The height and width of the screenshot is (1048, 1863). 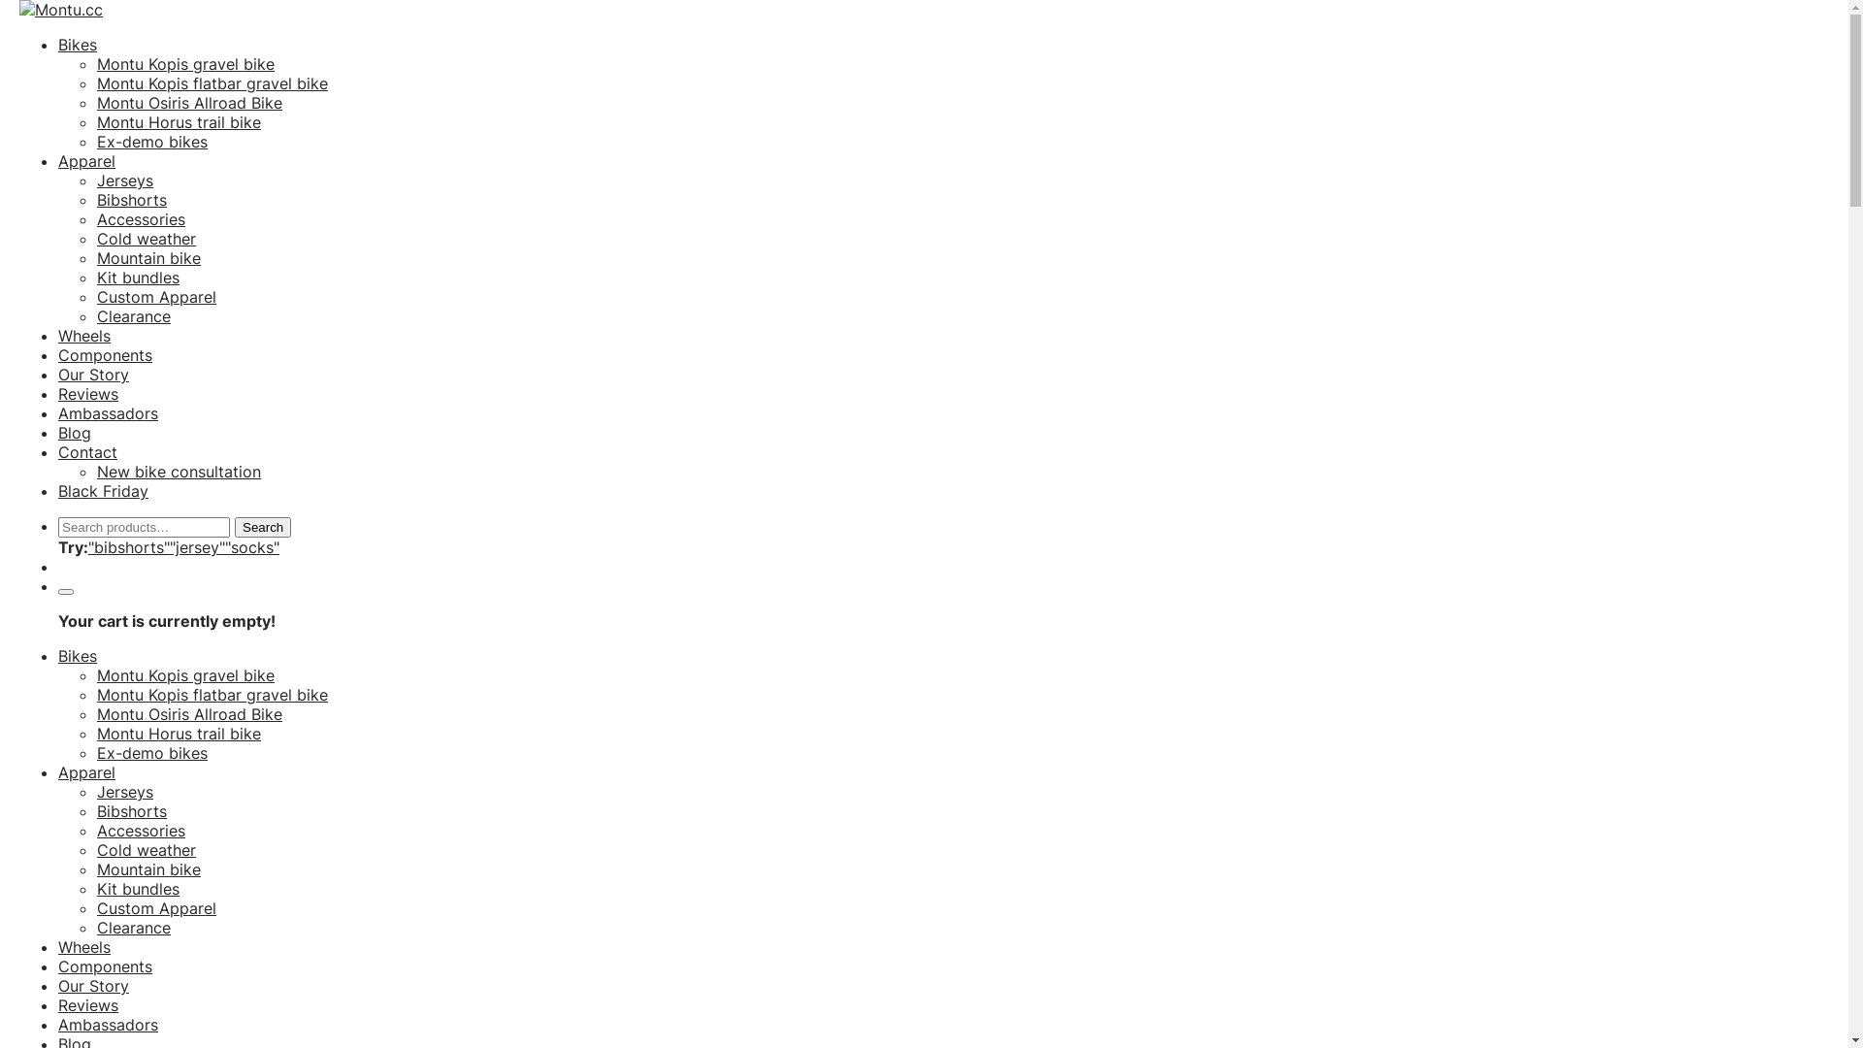 What do you see at coordinates (87, 393) in the screenshot?
I see `'Reviews'` at bounding box center [87, 393].